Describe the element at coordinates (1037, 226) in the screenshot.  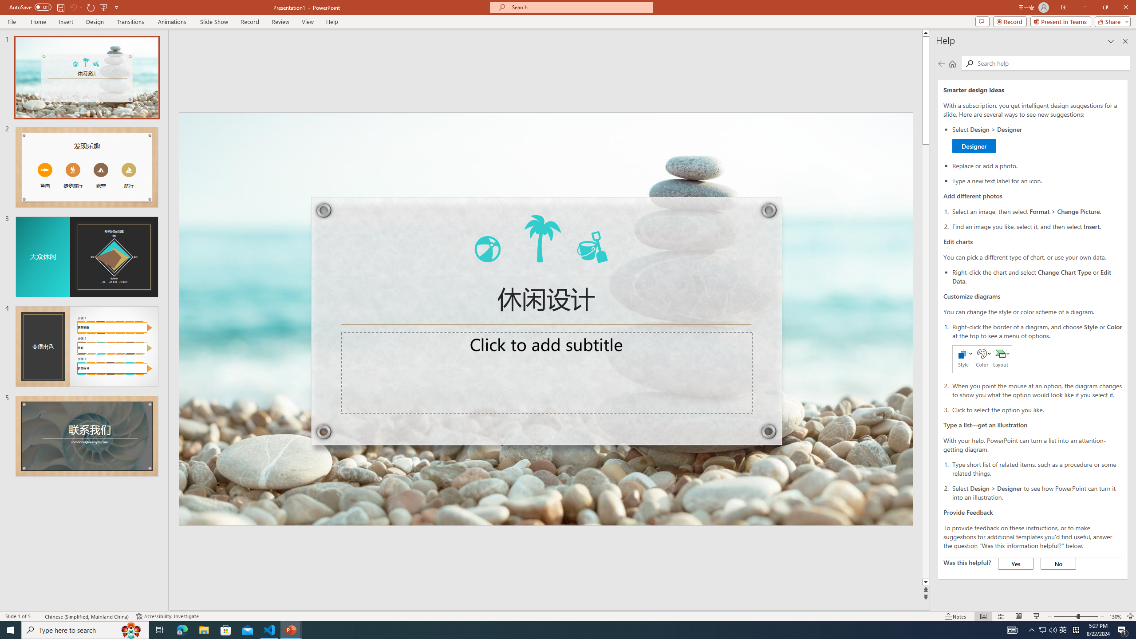
I see `'Find an image you like, select it, and then select Insert.'` at that location.